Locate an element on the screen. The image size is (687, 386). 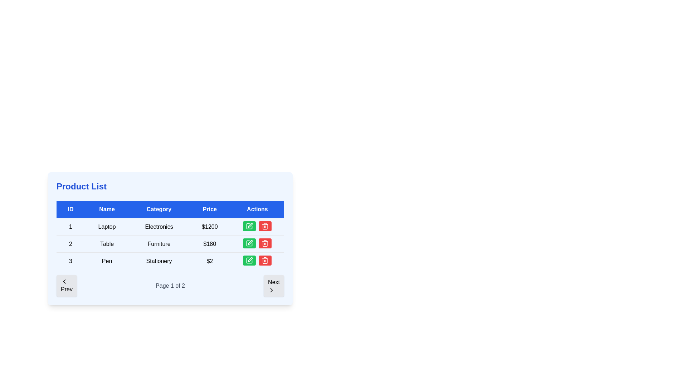
the green pen icon inside the first button of the 'Actions' column in the third row of the table is located at coordinates (249, 261).